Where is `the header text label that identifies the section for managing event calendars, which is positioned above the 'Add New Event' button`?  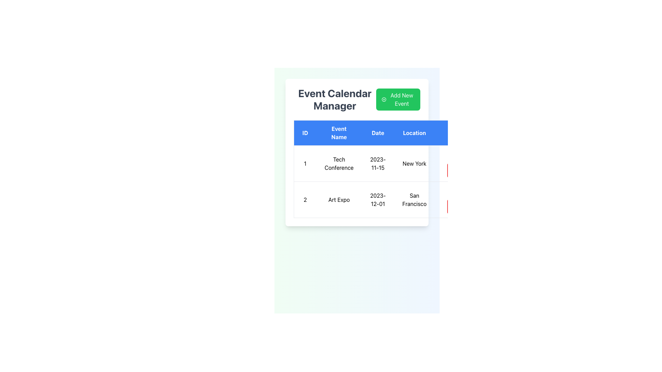 the header text label that identifies the section for managing event calendars, which is positioned above the 'Add New Event' button is located at coordinates (335, 100).